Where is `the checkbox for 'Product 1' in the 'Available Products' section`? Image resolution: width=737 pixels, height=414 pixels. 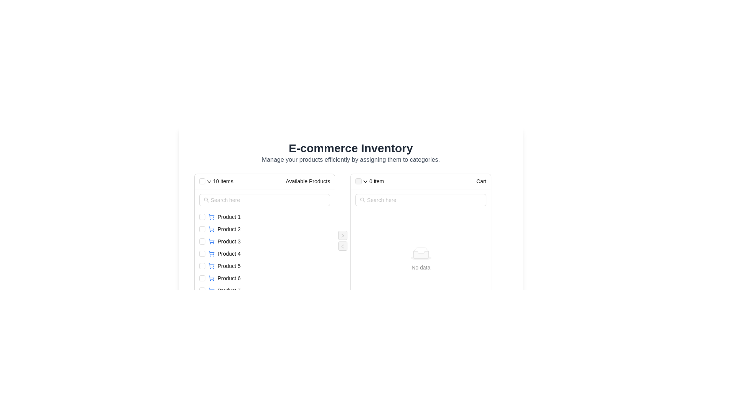 the checkbox for 'Product 1' in the 'Available Products' section is located at coordinates (202, 217).